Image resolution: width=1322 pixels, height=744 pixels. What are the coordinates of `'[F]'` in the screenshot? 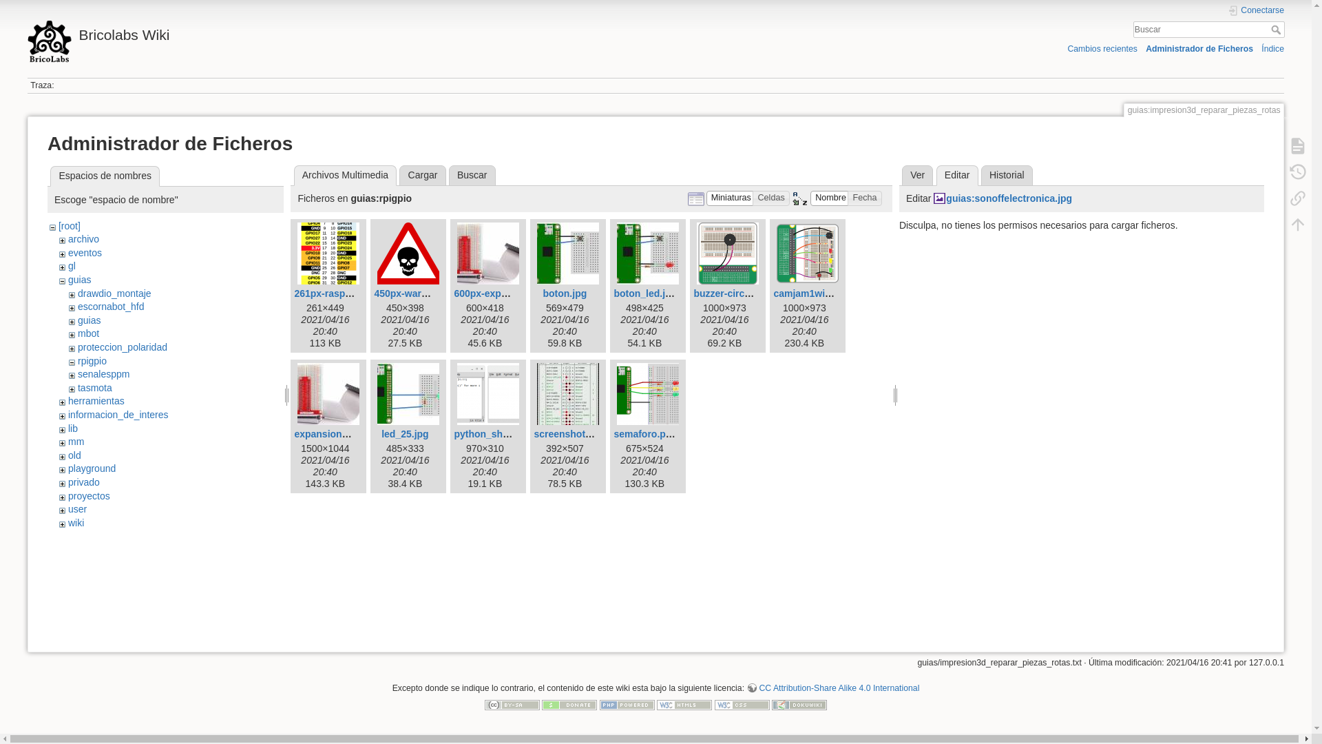 It's located at (1208, 30).